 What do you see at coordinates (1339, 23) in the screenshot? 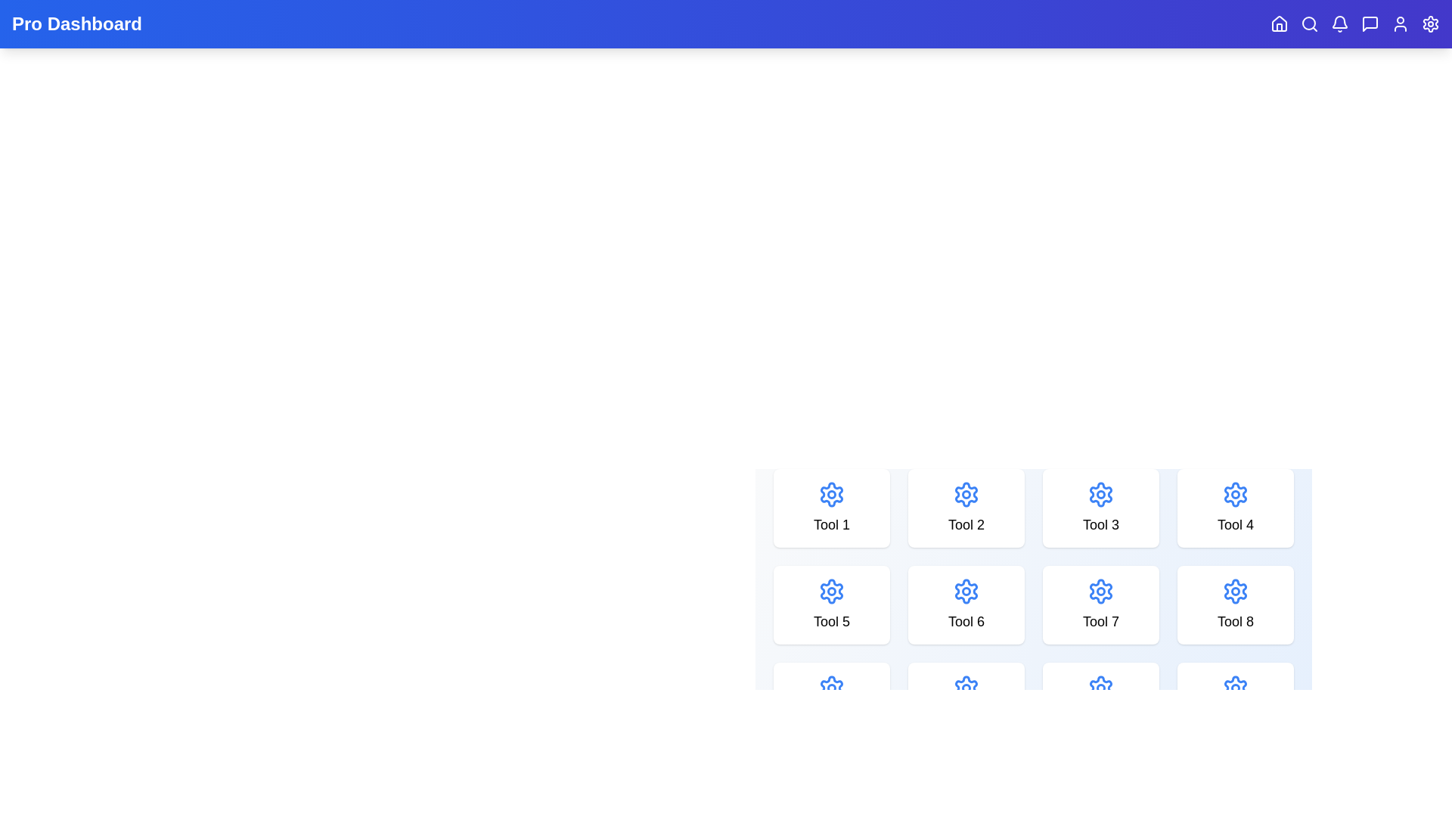
I see `the Bell navigation icon in the header` at bounding box center [1339, 23].